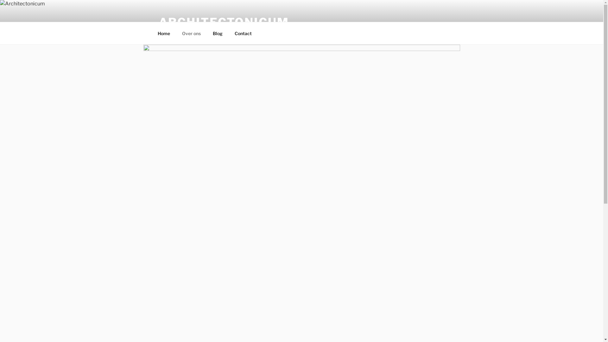 This screenshot has width=608, height=342. I want to click on 'Blog', so click(217, 33).